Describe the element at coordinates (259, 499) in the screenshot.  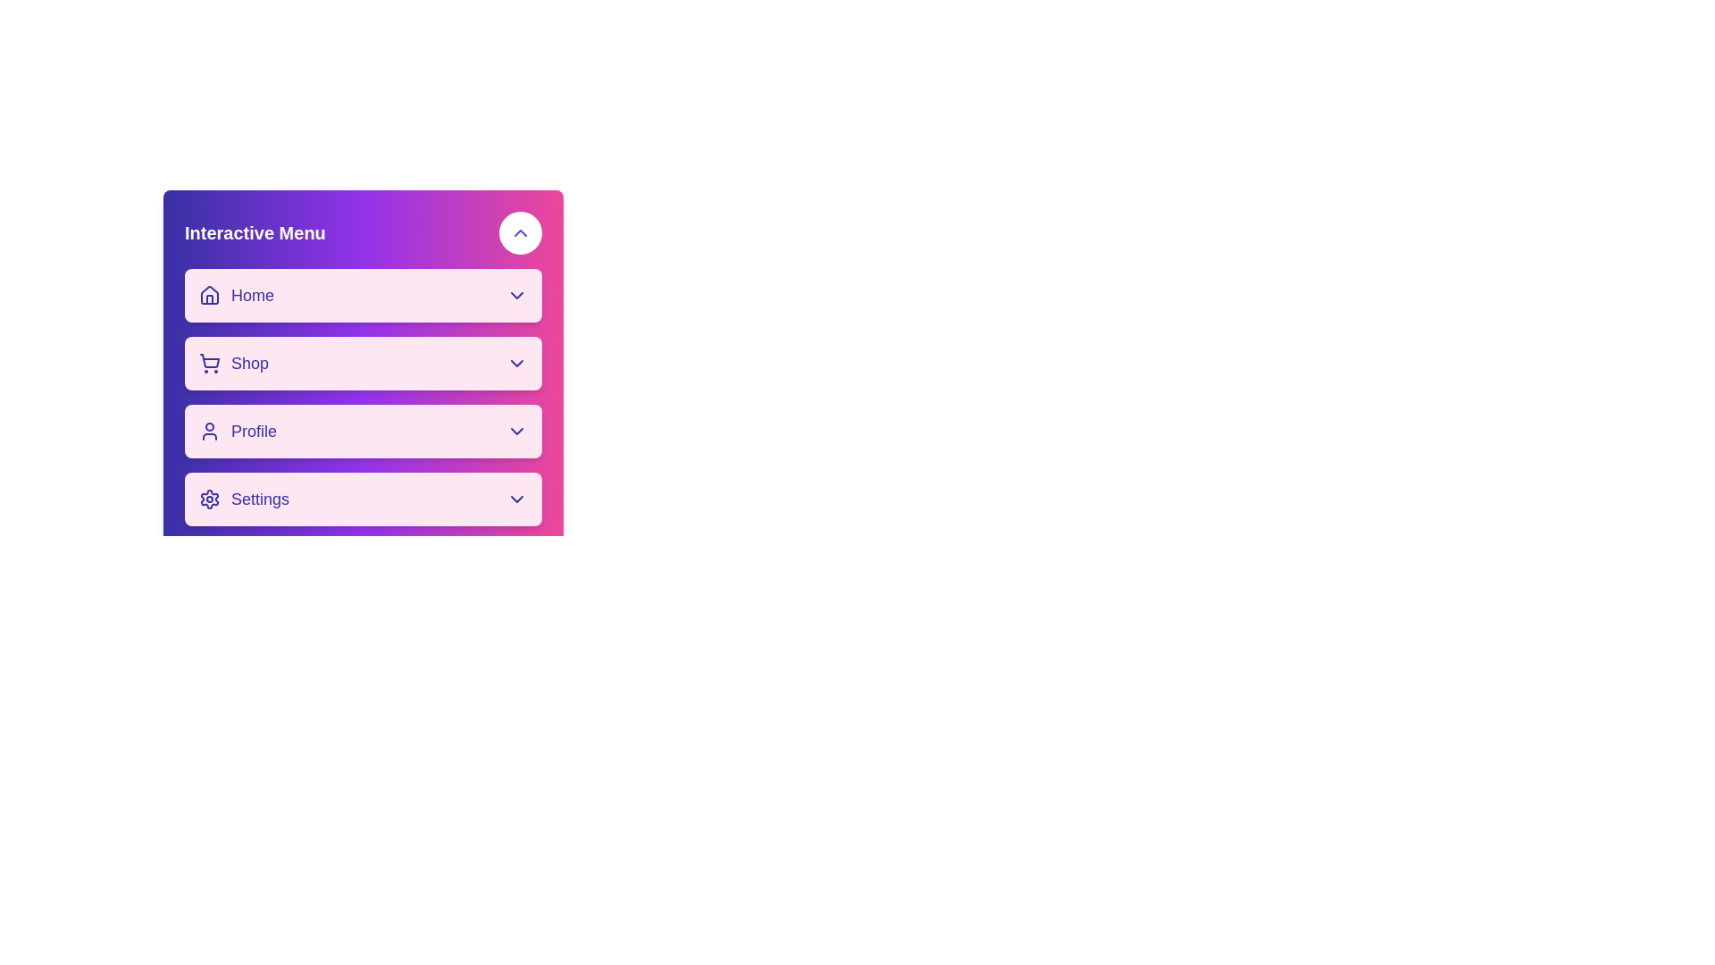
I see `the 'Settings' text label in the bottom section of the vertical interactive menu` at that location.